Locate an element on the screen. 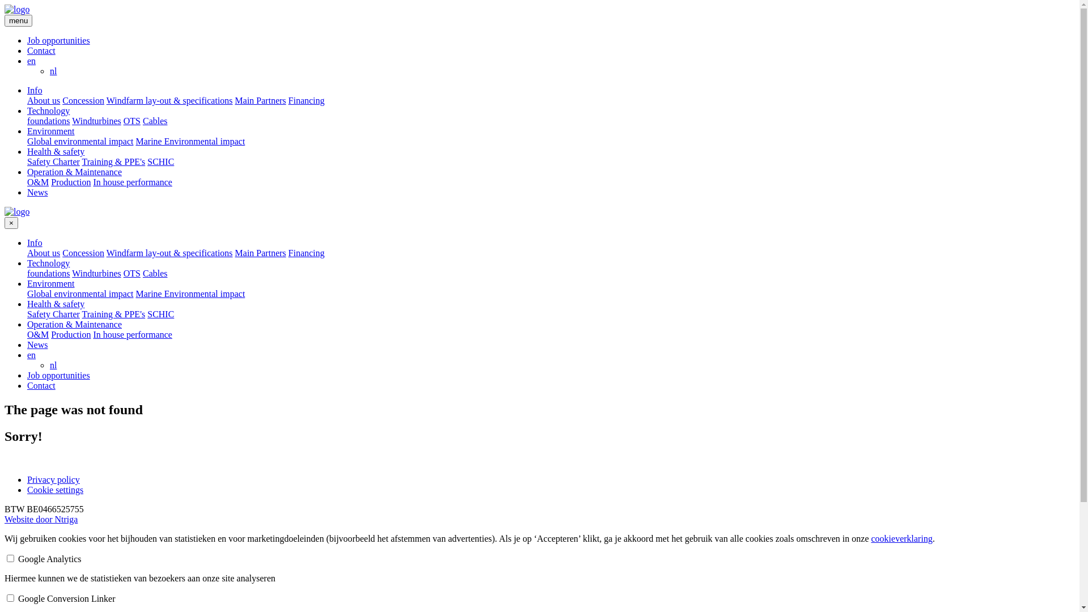 The image size is (1088, 612). 'Financing' is located at coordinates (307, 100).